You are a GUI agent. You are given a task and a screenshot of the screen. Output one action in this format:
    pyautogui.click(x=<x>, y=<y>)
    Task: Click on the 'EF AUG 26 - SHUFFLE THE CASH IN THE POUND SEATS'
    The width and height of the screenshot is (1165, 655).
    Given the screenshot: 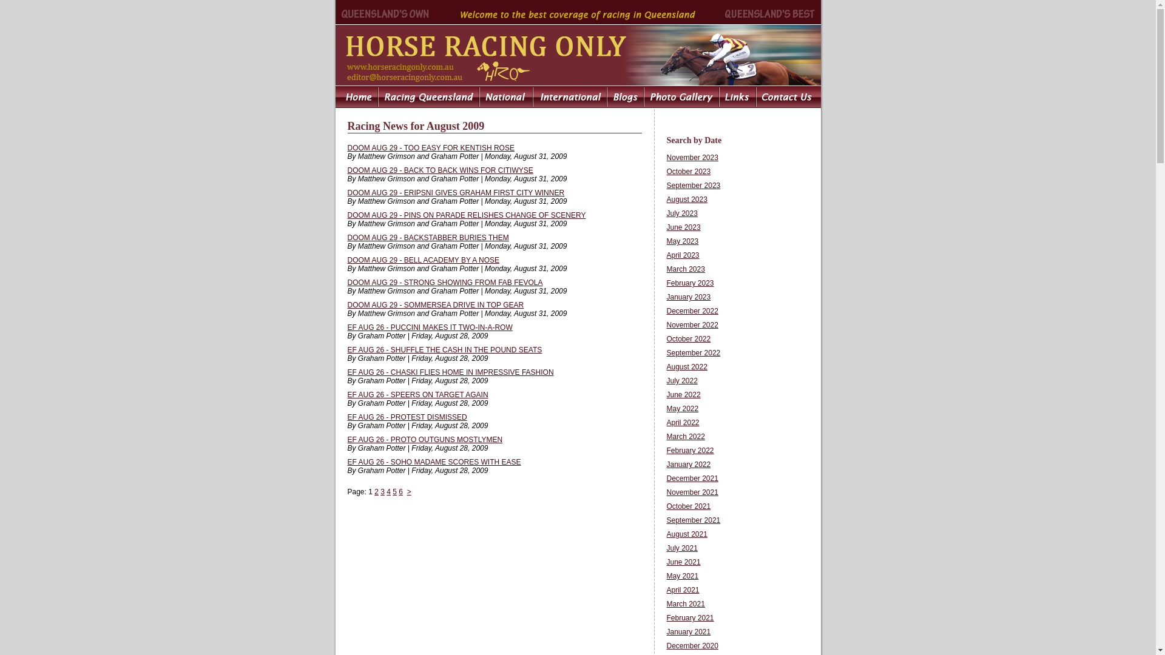 What is the action you would take?
    pyautogui.click(x=444, y=350)
    